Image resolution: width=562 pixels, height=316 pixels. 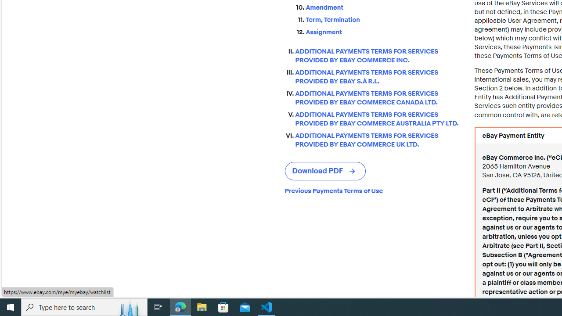 What do you see at coordinates (383, 32) in the screenshot?
I see `'Assignment'` at bounding box center [383, 32].